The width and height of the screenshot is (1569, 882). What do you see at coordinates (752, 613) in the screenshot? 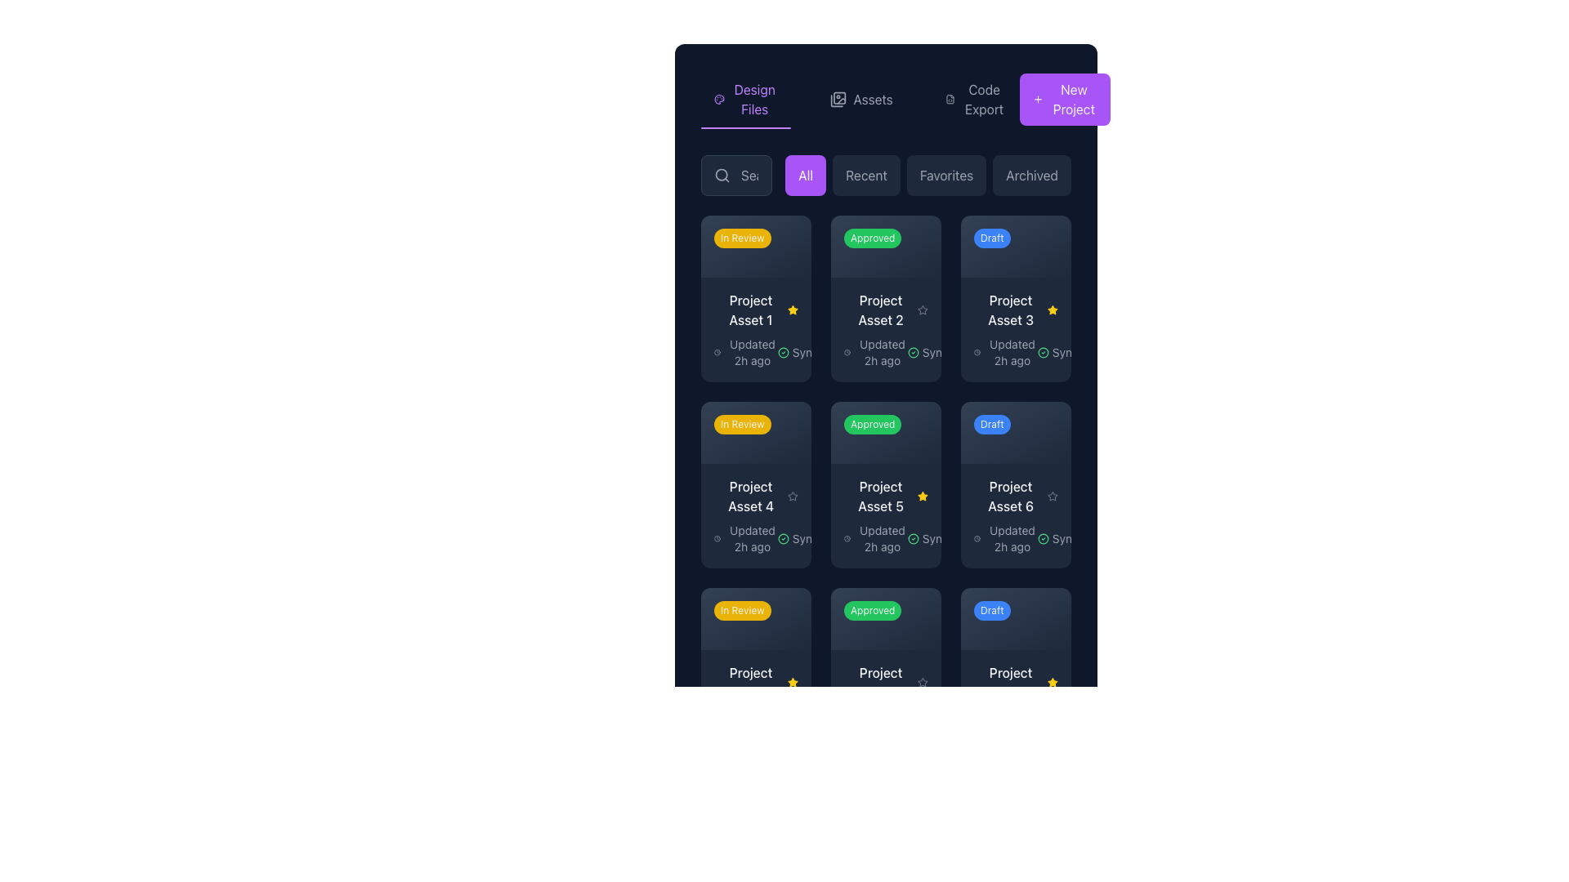
I see `the status information of the 'In Review' badge located in the lower section of the 'Project Asset 4' card, positioned below the card's title and above the 'Updated 2h ago' description` at bounding box center [752, 613].